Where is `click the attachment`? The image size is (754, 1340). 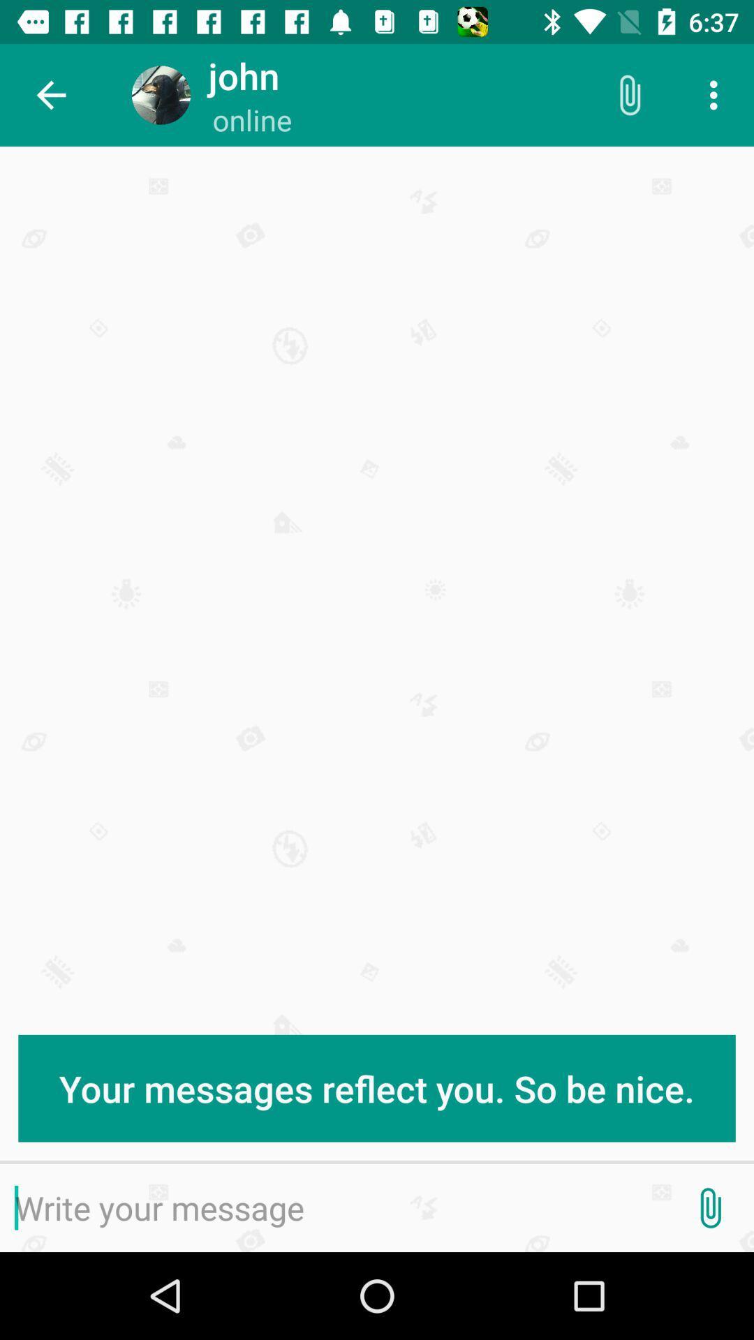 click the attachment is located at coordinates (710, 1207).